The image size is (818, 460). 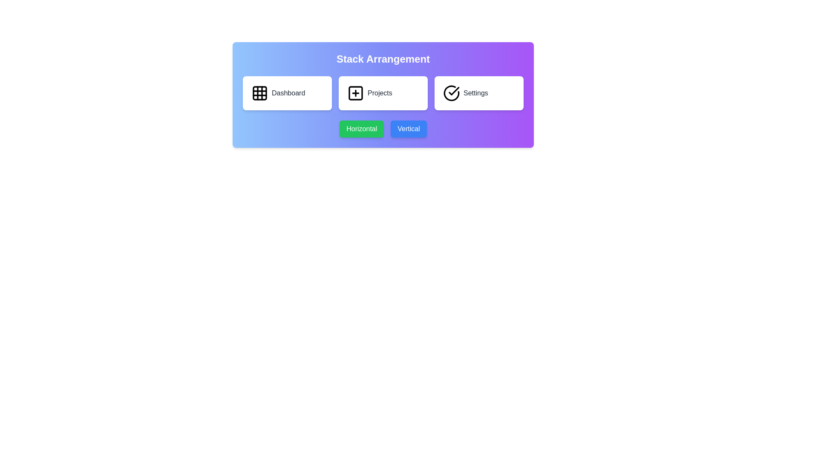 I want to click on the top-left decorative grid cell of the 'Dashboard' icon, which represents the navigation or overview section of the interface, so click(x=259, y=93).